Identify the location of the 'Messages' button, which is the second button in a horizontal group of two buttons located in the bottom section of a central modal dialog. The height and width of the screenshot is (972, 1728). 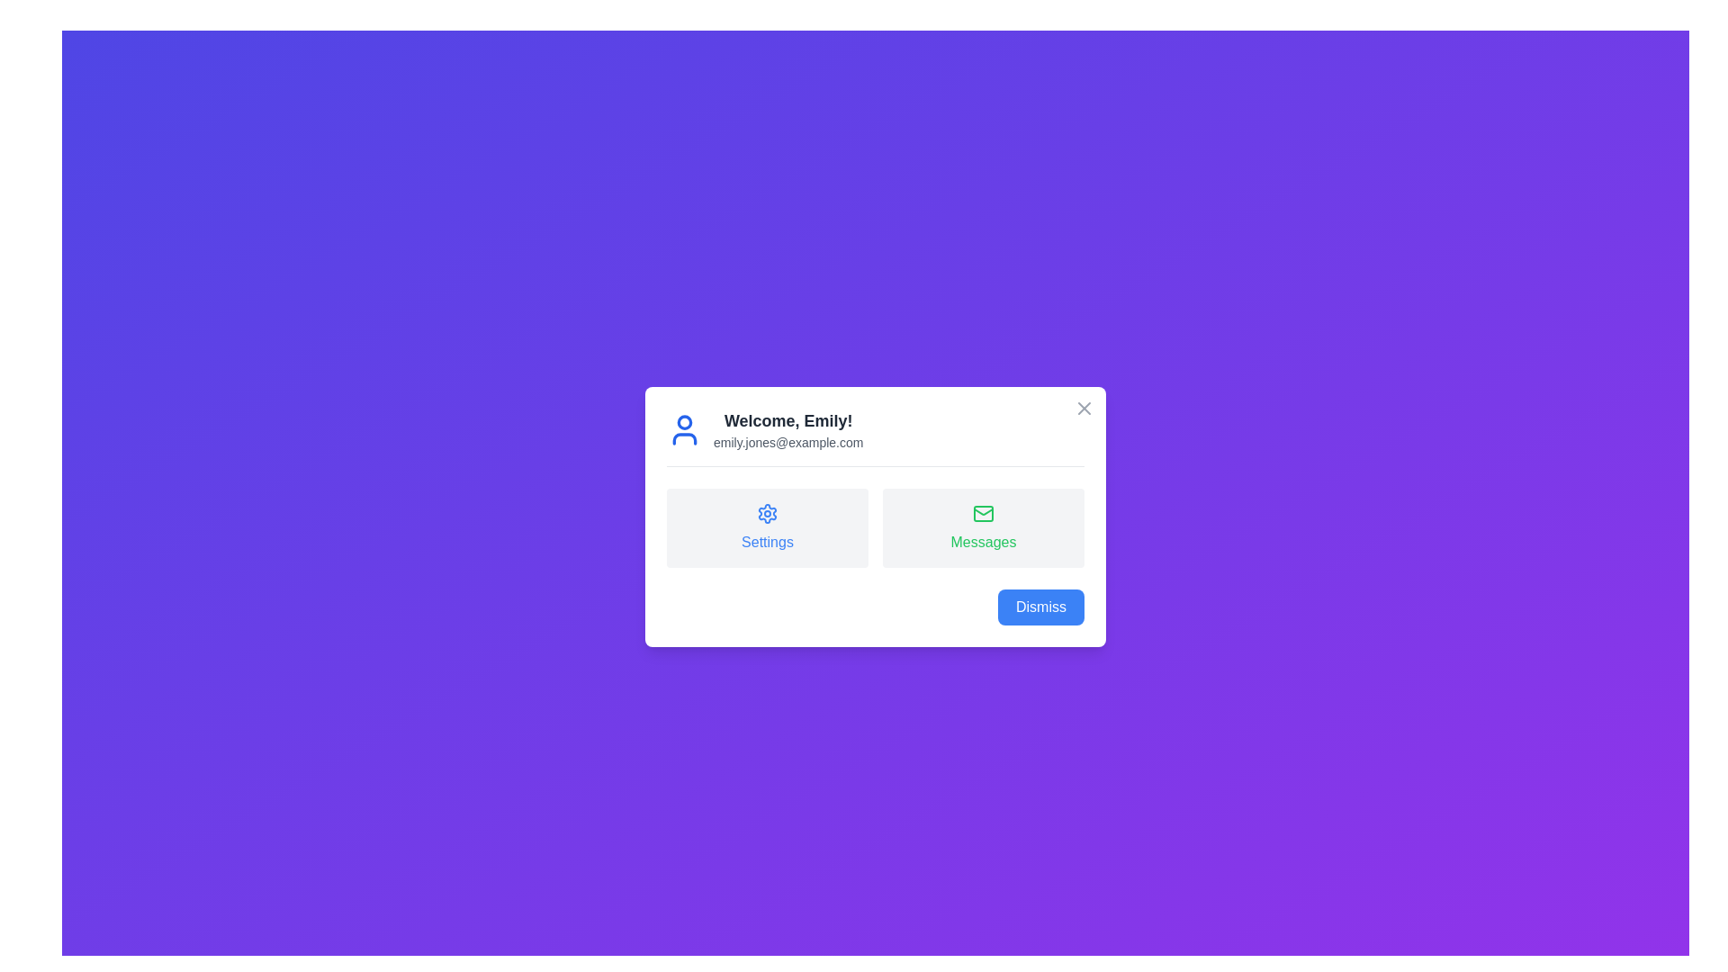
(983, 526).